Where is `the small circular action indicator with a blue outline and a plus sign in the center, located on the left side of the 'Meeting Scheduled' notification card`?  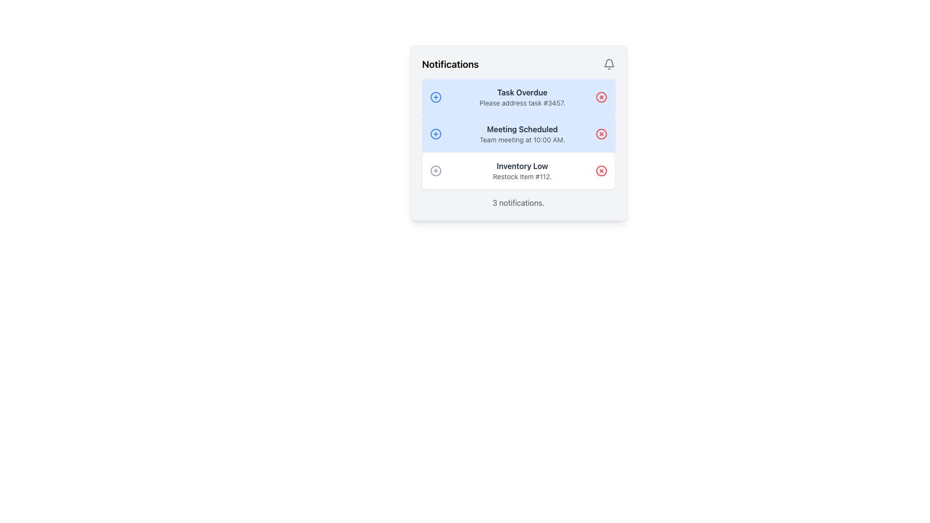 the small circular action indicator with a blue outline and a plus sign in the center, located on the left side of the 'Meeting Scheduled' notification card is located at coordinates (435, 134).